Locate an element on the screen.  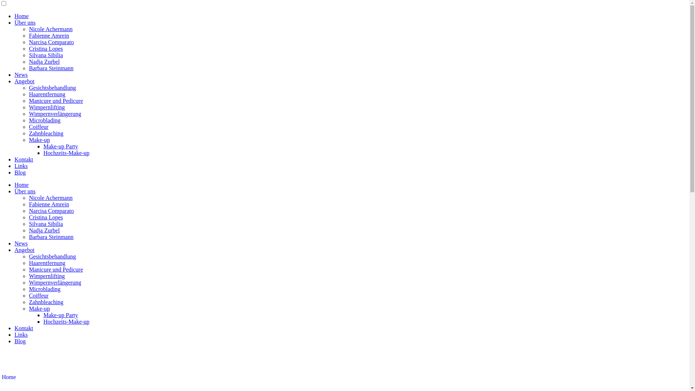
'Fabienne Amrein' is located at coordinates (49, 35).